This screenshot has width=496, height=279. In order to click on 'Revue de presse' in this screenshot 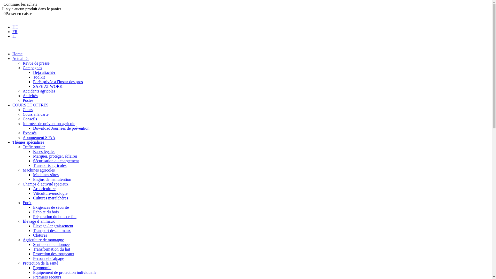, I will do `click(36, 63)`.